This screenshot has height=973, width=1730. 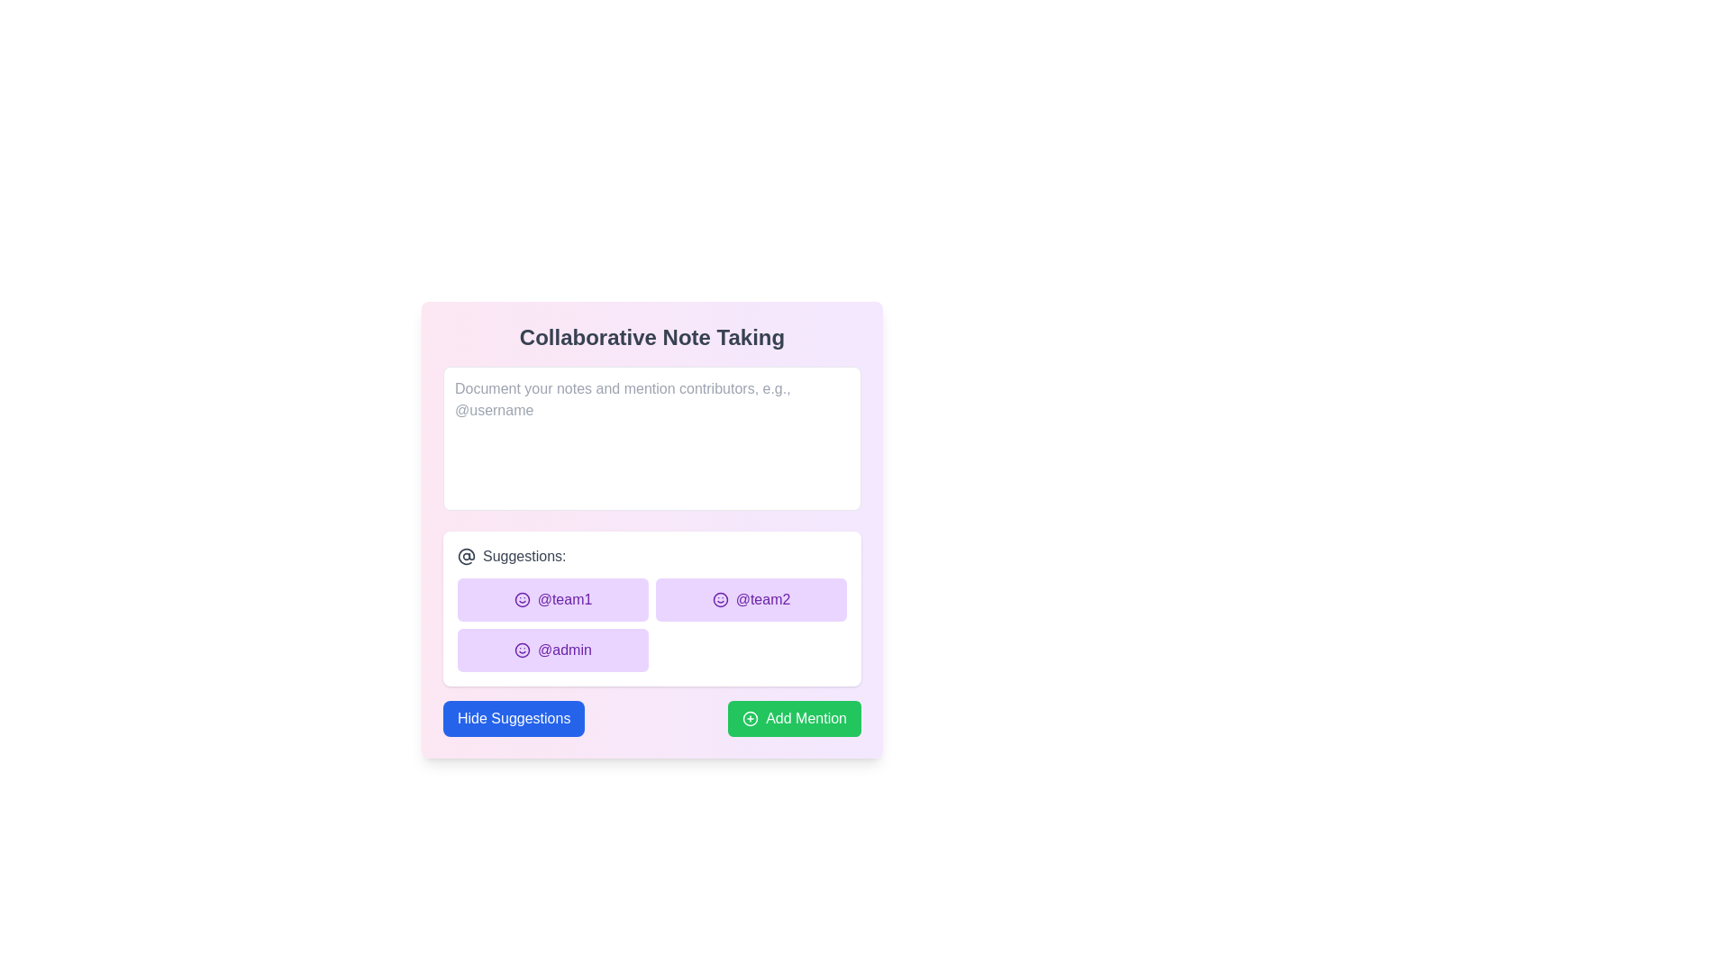 I want to click on the smiley face icon SVG element located to the left of the '@admin' text within a purple rectangular button in the Suggestions section, so click(x=522, y=650).